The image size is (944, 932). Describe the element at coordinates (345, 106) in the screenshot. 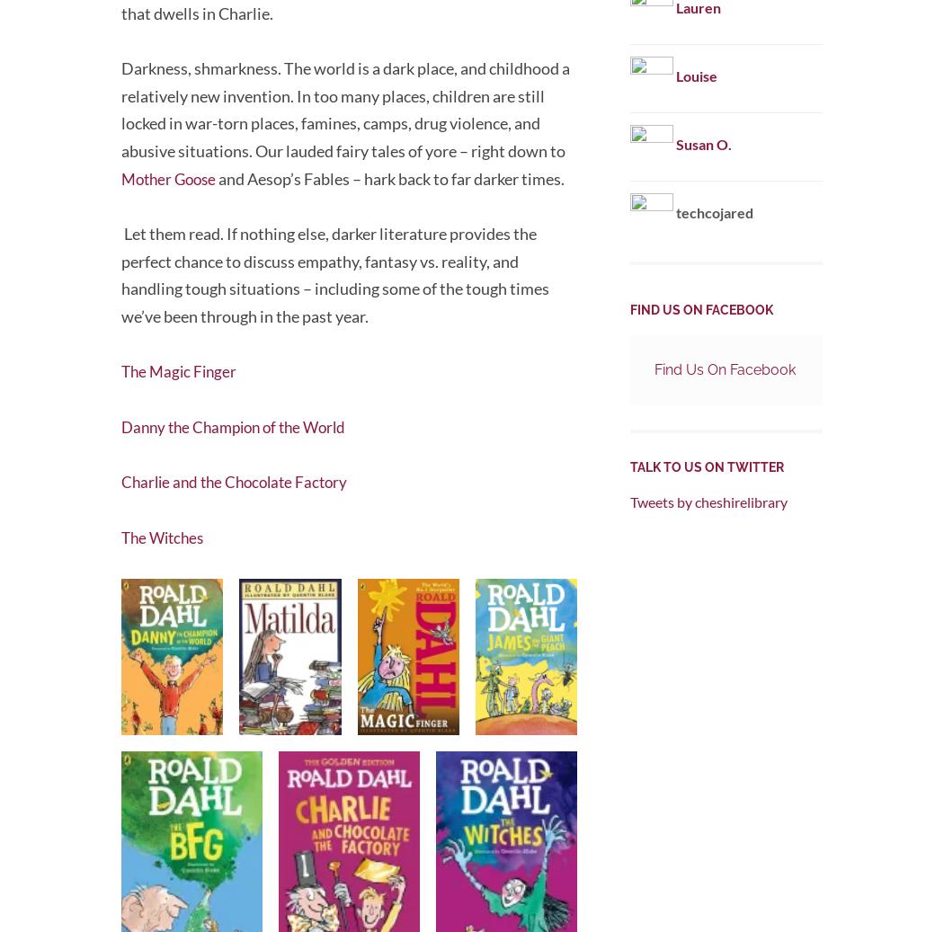

I see `'Darkness, shmarkness. The world is a dark place, and childhood a relatively new invention. In too many places, children are still locked in war-torn places, famines, camps, drug violence, and abusive situations. Our lauded fairy tales of yore – right down to'` at that location.